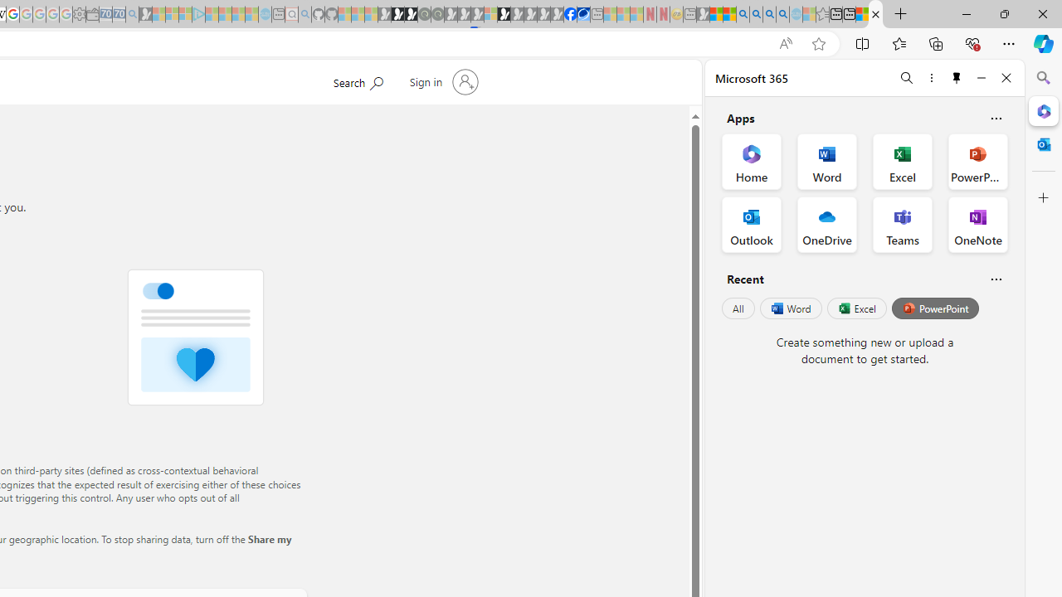  What do you see at coordinates (583, 14) in the screenshot?
I see `'AirNow.gov'` at bounding box center [583, 14].